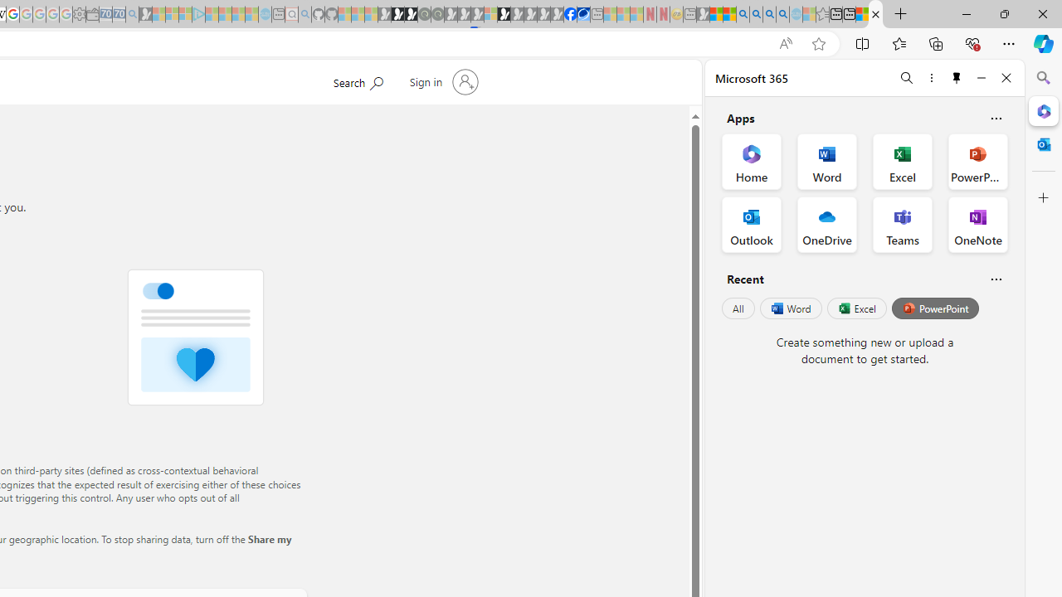  What do you see at coordinates (583, 14) in the screenshot?
I see `'AirNow.gov'` at bounding box center [583, 14].